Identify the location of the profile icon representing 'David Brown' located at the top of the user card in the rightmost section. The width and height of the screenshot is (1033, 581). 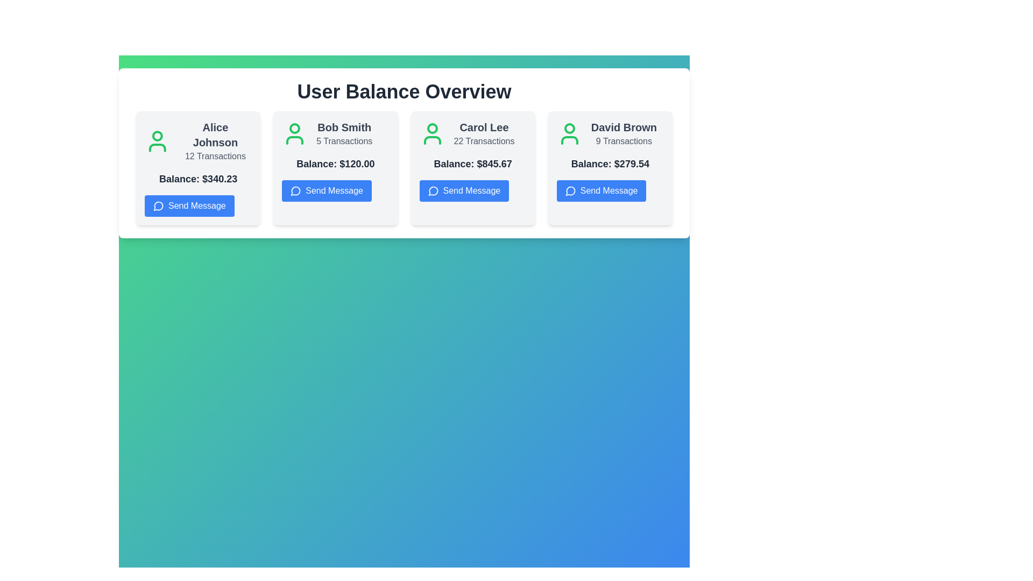
(569, 128).